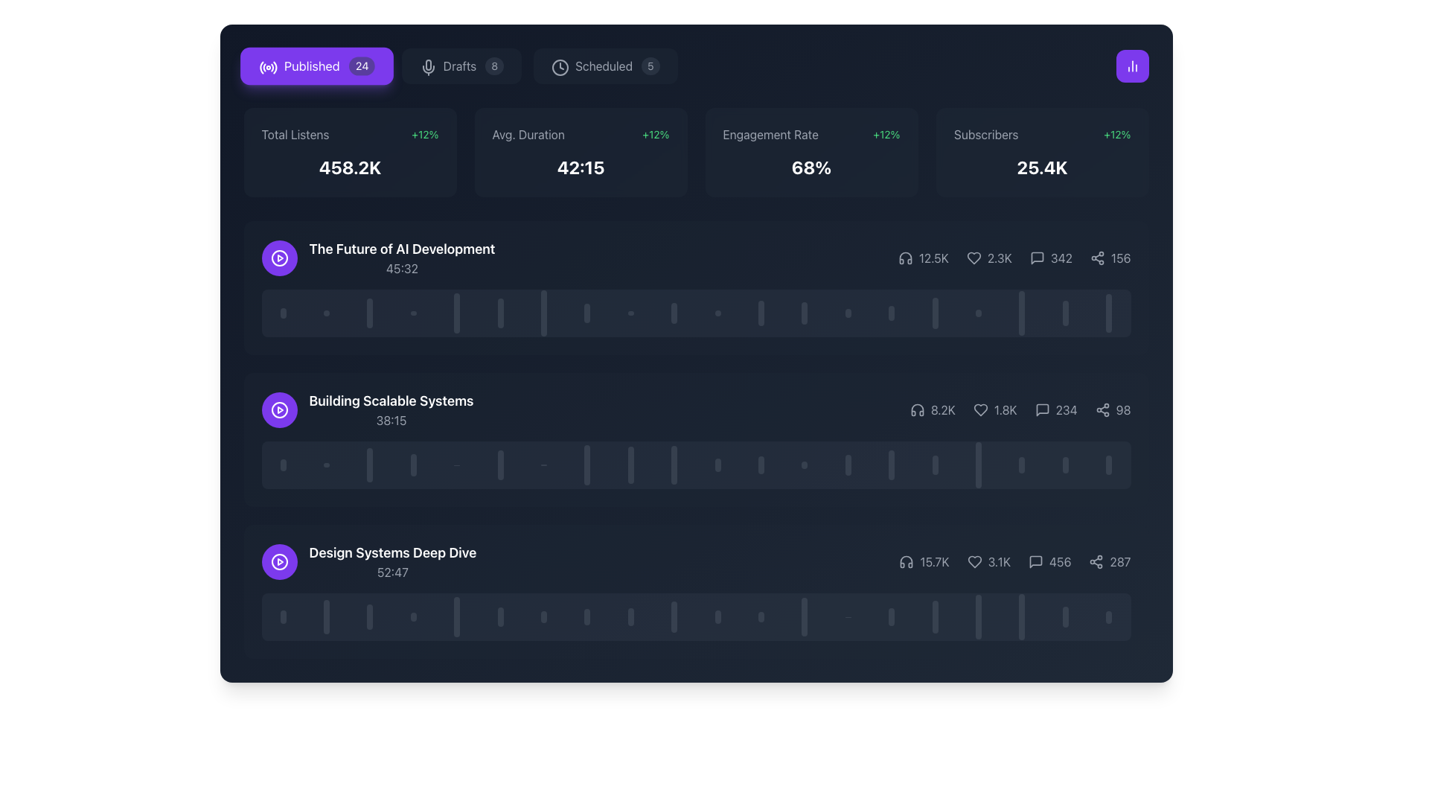 The width and height of the screenshot is (1429, 804). I want to click on the Statistic label displaying '3.1K' with a heart icon, located in the bottommost row of statistics, so click(988, 562).